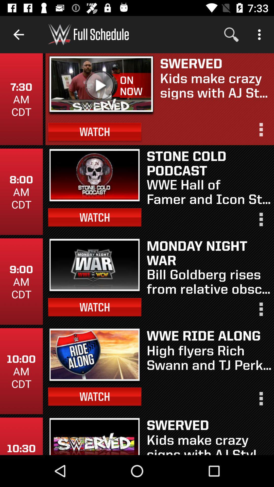  What do you see at coordinates (261, 221) in the screenshot?
I see `bring up options` at bounding box center [261, 221].